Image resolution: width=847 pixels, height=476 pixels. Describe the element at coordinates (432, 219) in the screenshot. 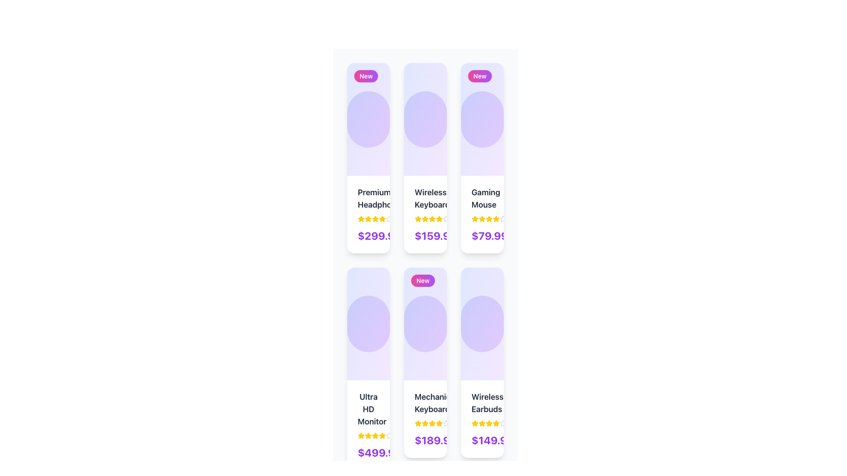

I see `the fifth active yellow star in the rating component for the 'Wireless Keyboard' using accessibility tools` at that location.